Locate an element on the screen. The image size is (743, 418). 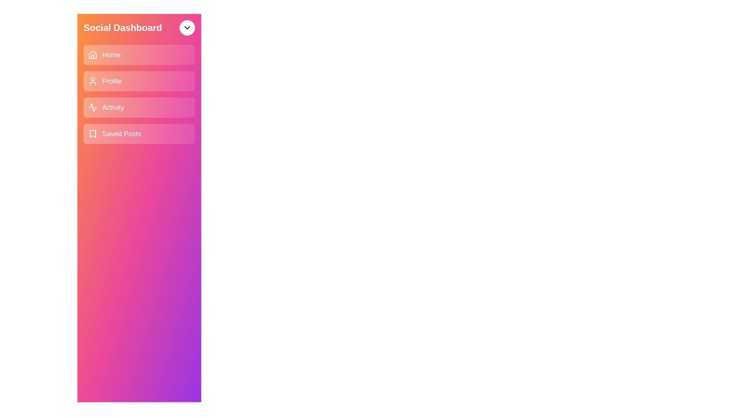
the menu item Activity from the list is located at coordinates (139, 107).